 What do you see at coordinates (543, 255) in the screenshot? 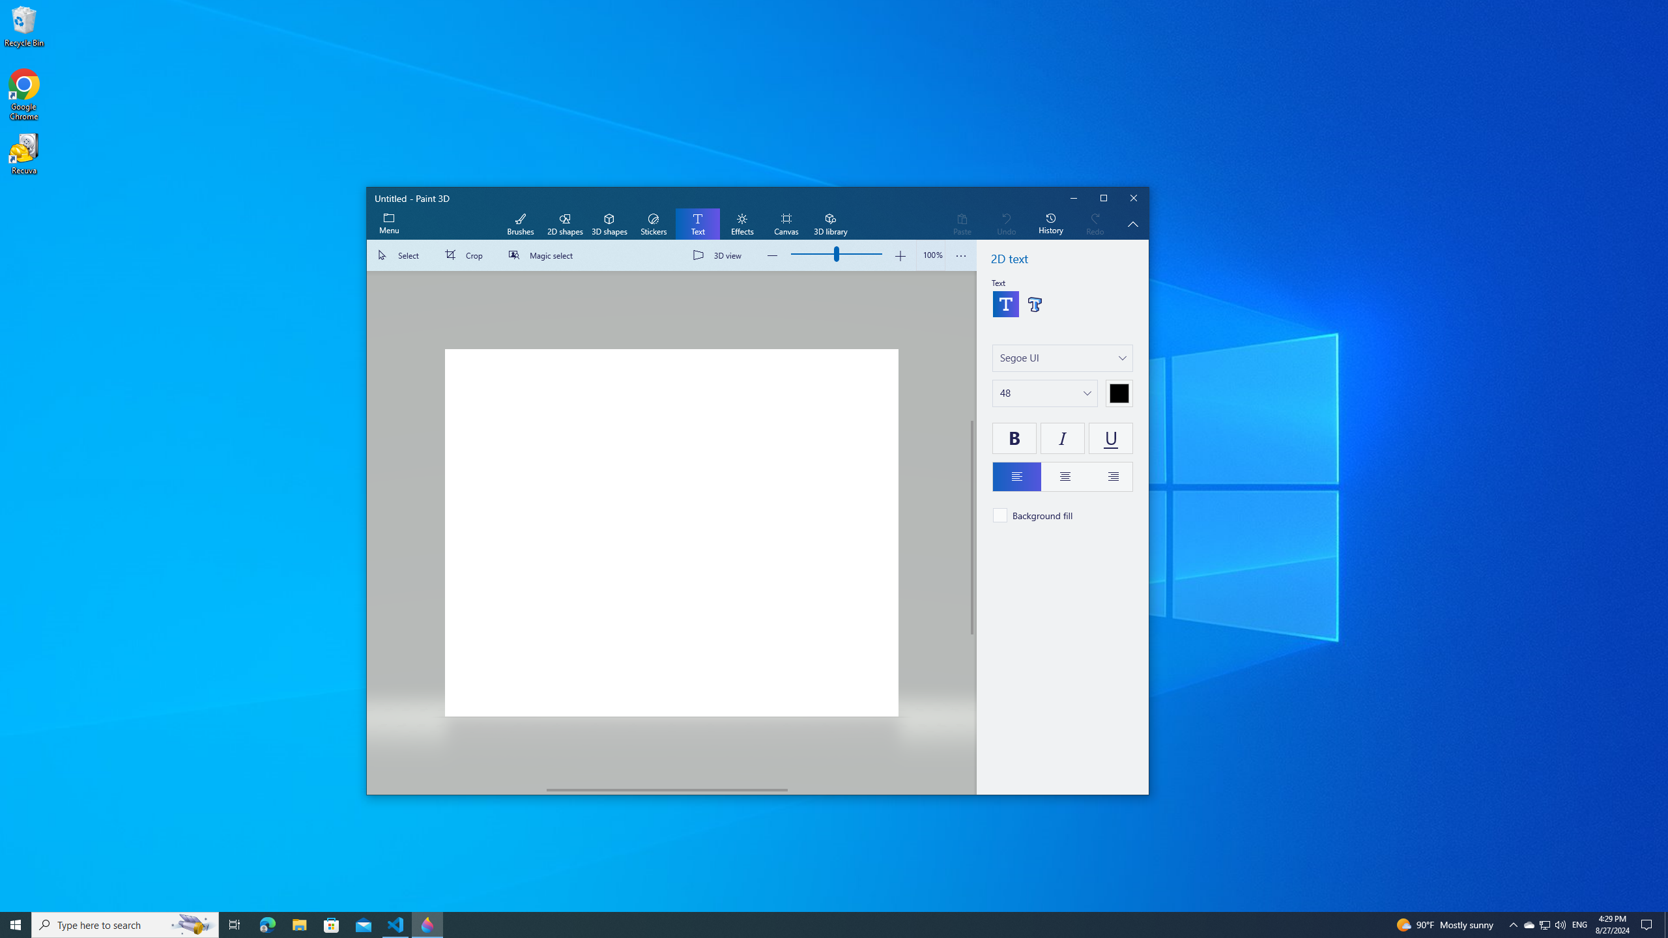
I see `'Magic select'` at bounding box center [543, 255].